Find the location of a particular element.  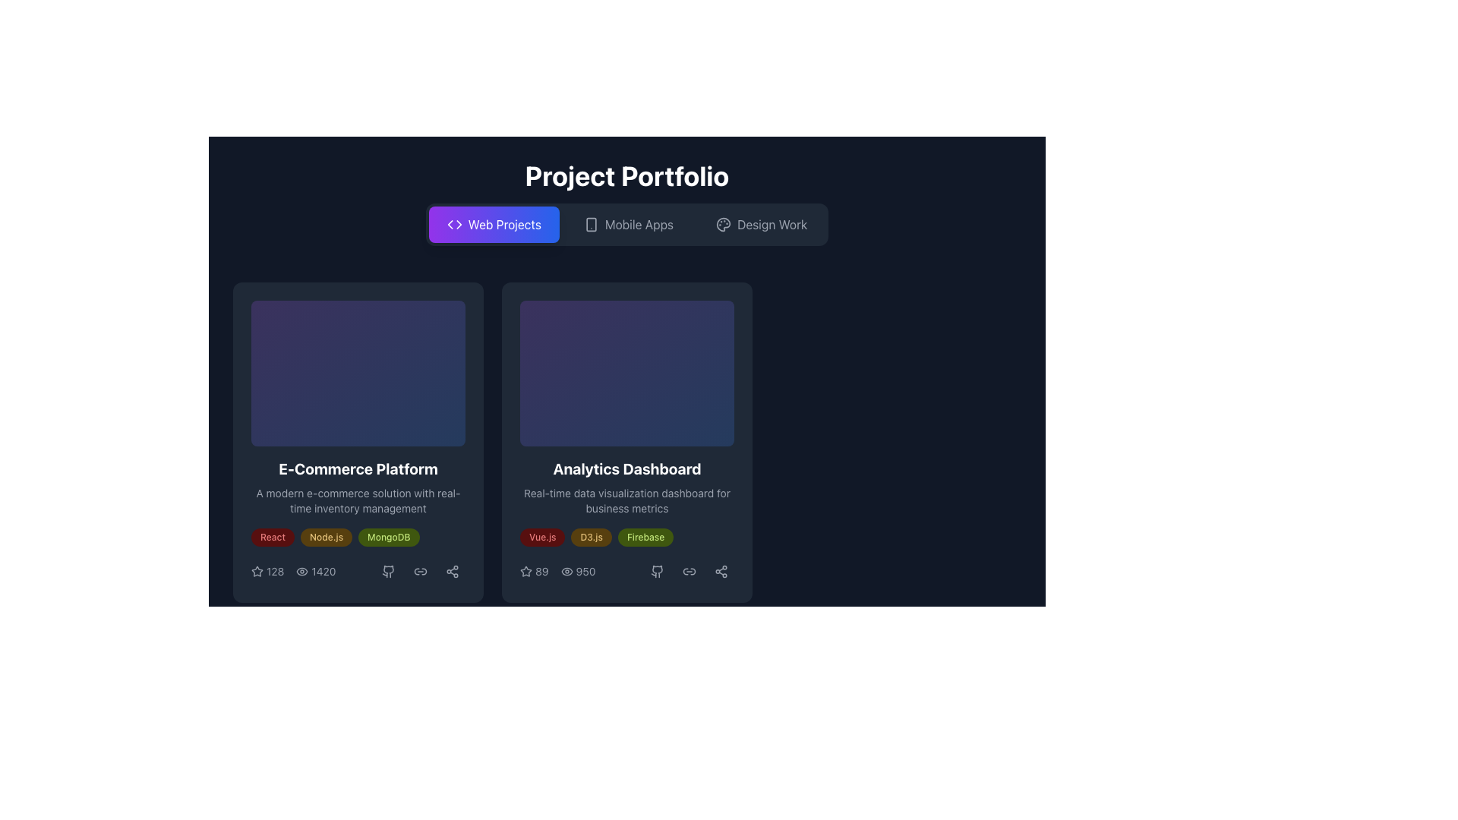

the interactive metrics icons located at the bottom of the Portfolio card titled 'E-Commerce Platform', which has a dark gray background and rounded corners is located at coordinates (357, 442).